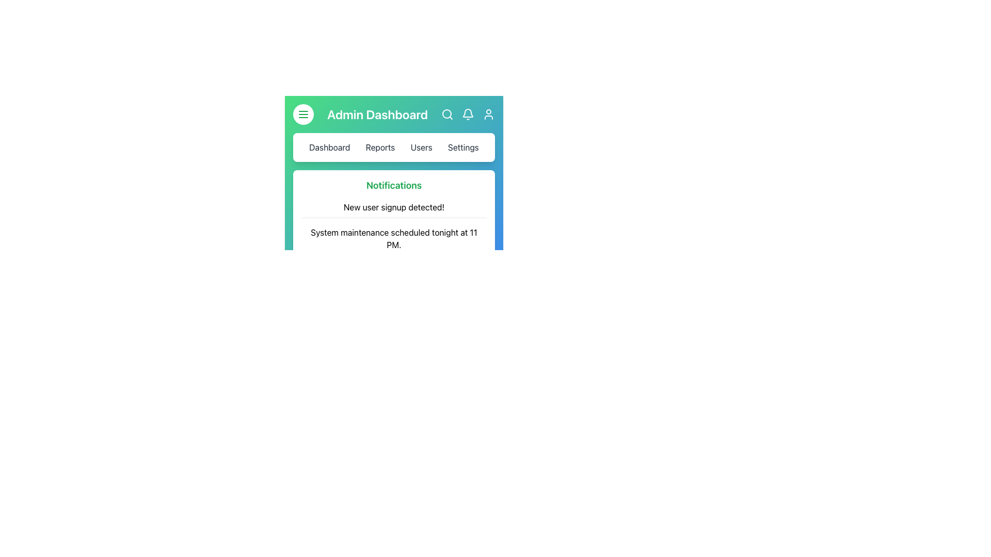  I want to click on the 'Dashboard' navigation link located in the top horizontal navigation bar, so click(329, 147).